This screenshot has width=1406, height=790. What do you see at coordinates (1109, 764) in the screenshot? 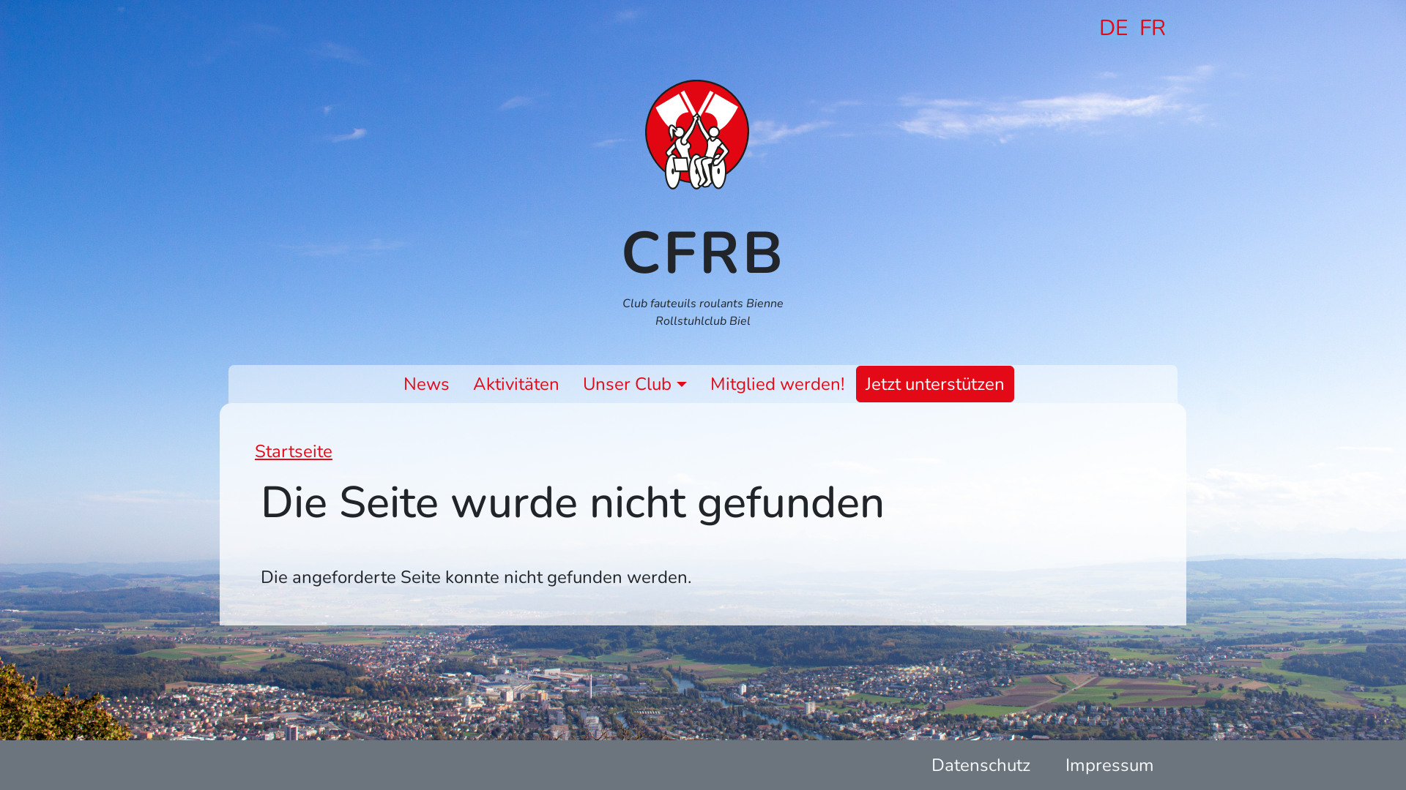
I see `'Impressum'` at bounding box center [1109, 764].